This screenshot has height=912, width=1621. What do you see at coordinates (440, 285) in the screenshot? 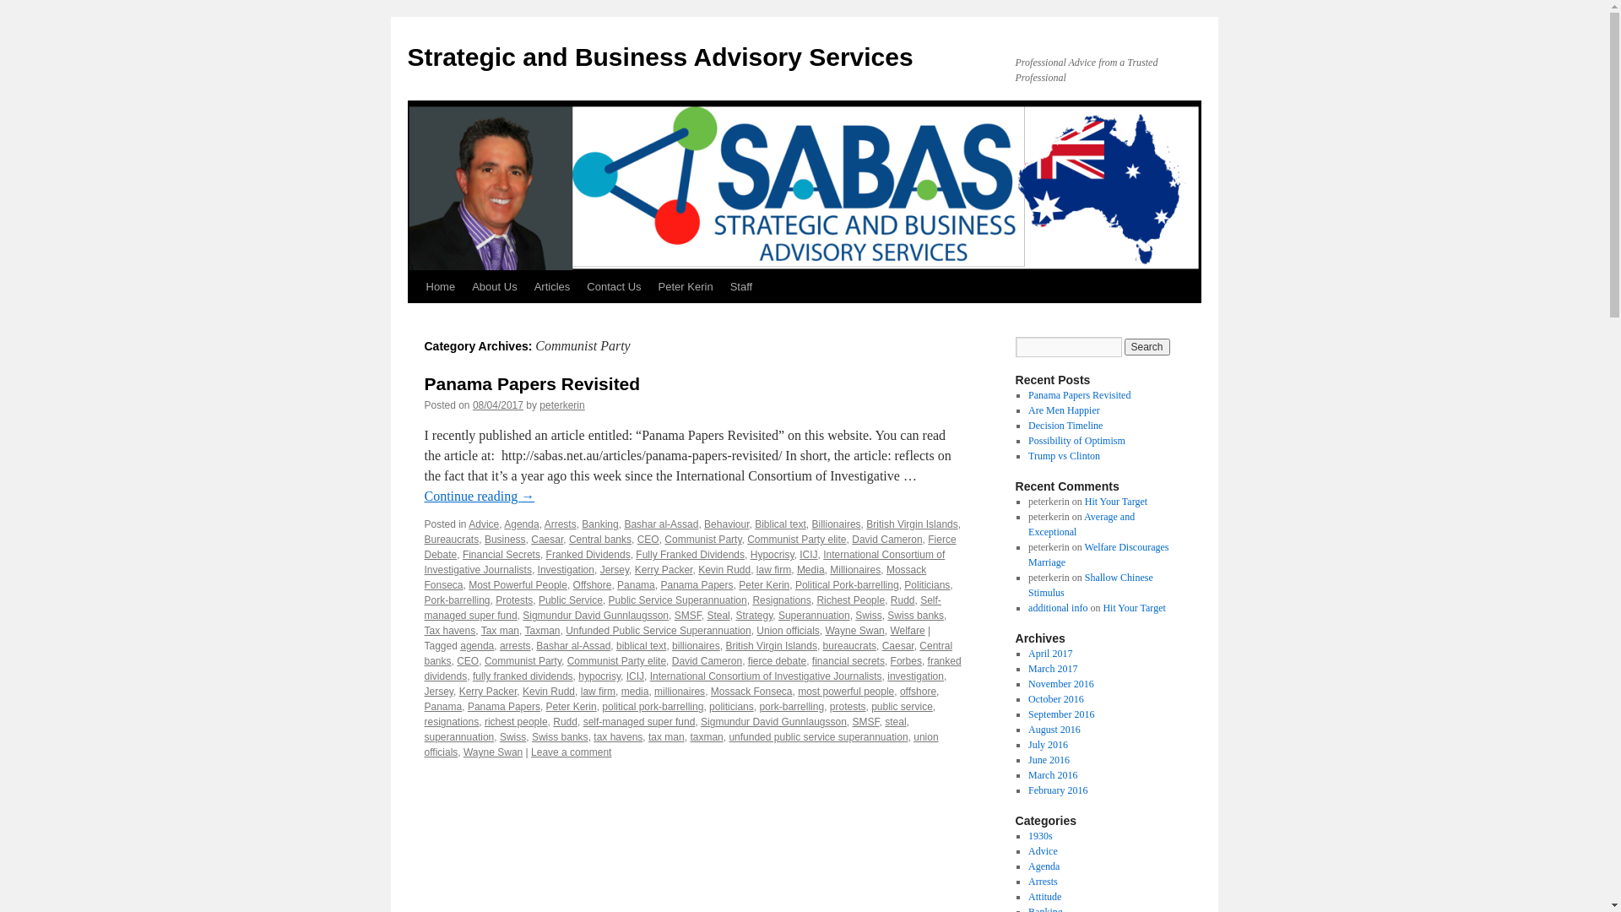
I see `'Home'` at bounding box center [440, 285].